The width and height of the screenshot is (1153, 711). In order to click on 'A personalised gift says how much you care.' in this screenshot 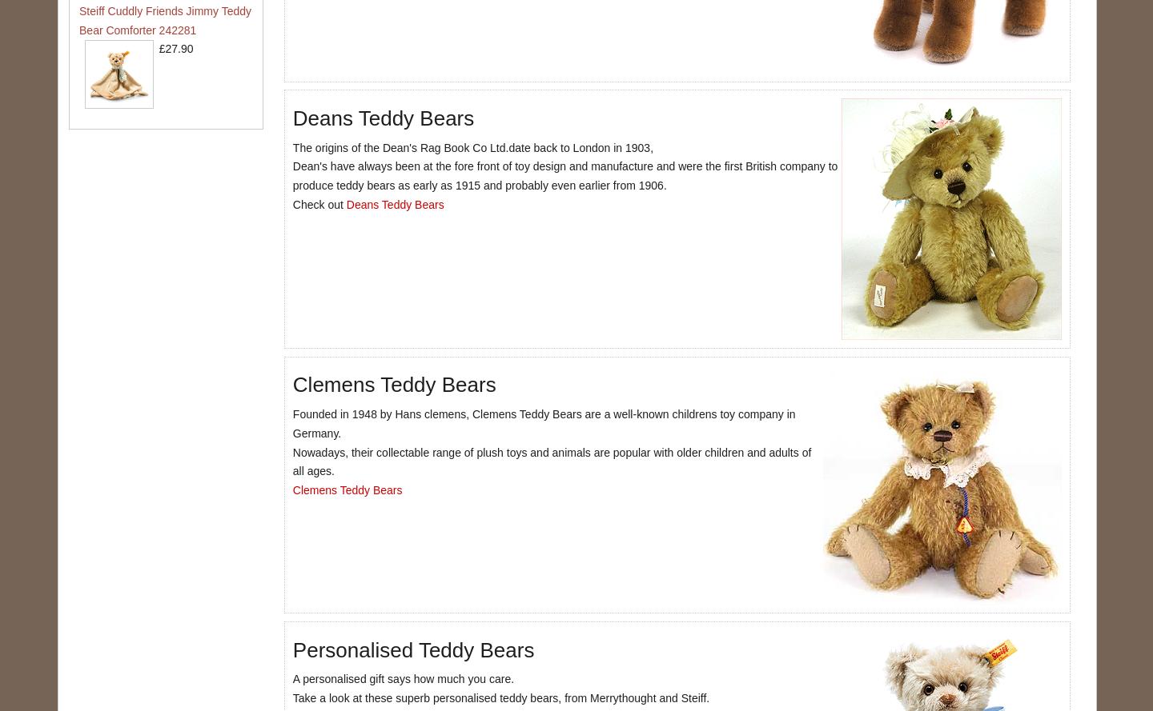, I will do `click(291, 677)`.